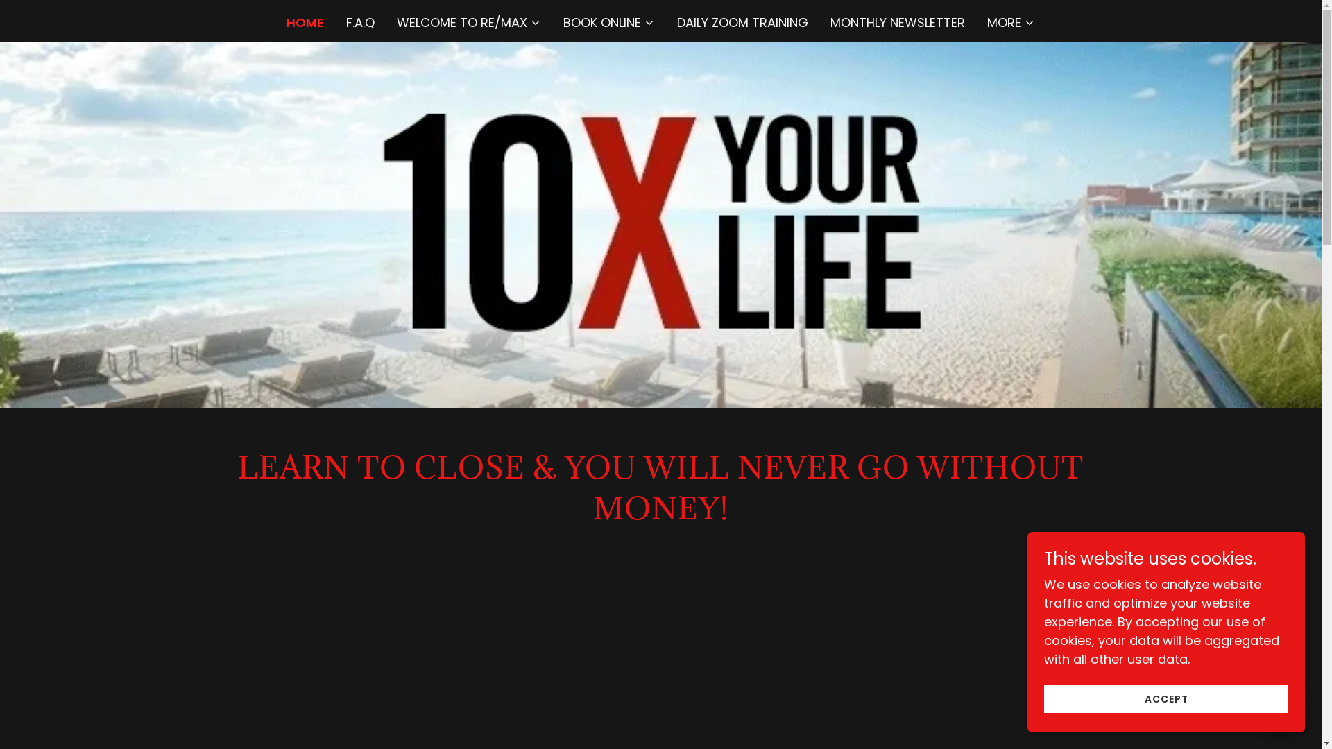 This screenshot has height=749, width=1332. I want to click on 'HOME', so click(305, 24).